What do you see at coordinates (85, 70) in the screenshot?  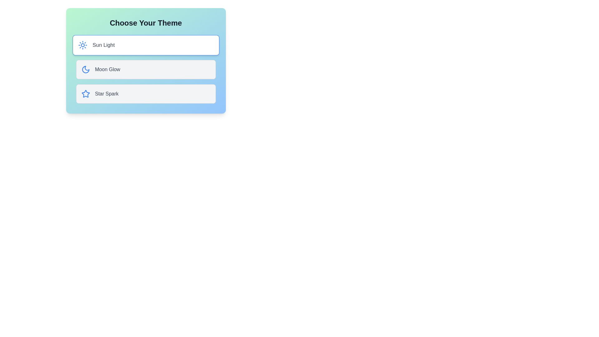 I see `the 'Moon Glow' theme option icon, which is located at the left end of the button labeled 'Moon Glow' in the vertically stacked list under 'Choose Your Theme'` at bounding box center [85, 70].